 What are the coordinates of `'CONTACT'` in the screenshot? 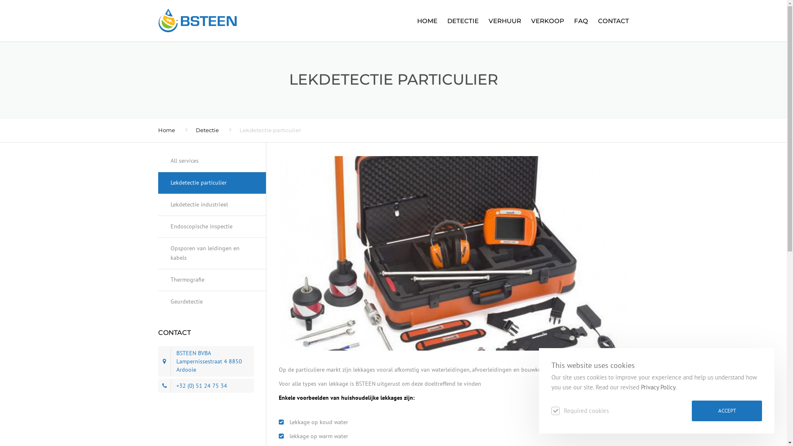 It's located at (611, 20).